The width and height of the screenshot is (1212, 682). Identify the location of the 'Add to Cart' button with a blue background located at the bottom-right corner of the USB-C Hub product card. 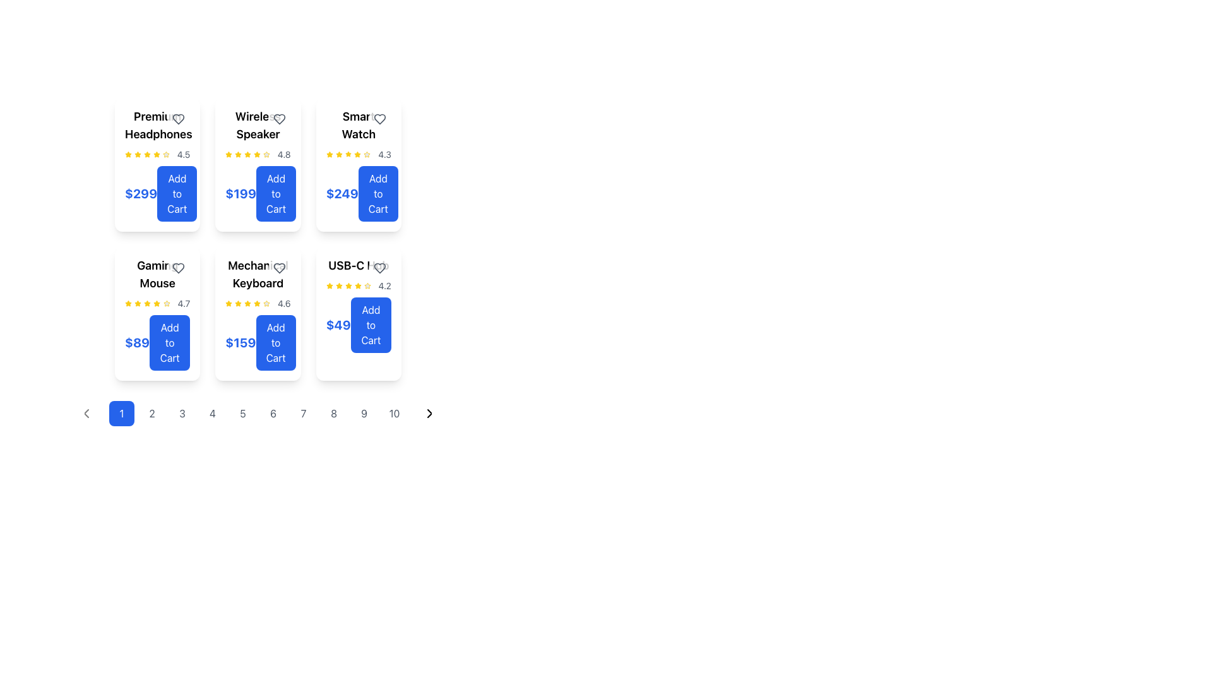
(370, 325).